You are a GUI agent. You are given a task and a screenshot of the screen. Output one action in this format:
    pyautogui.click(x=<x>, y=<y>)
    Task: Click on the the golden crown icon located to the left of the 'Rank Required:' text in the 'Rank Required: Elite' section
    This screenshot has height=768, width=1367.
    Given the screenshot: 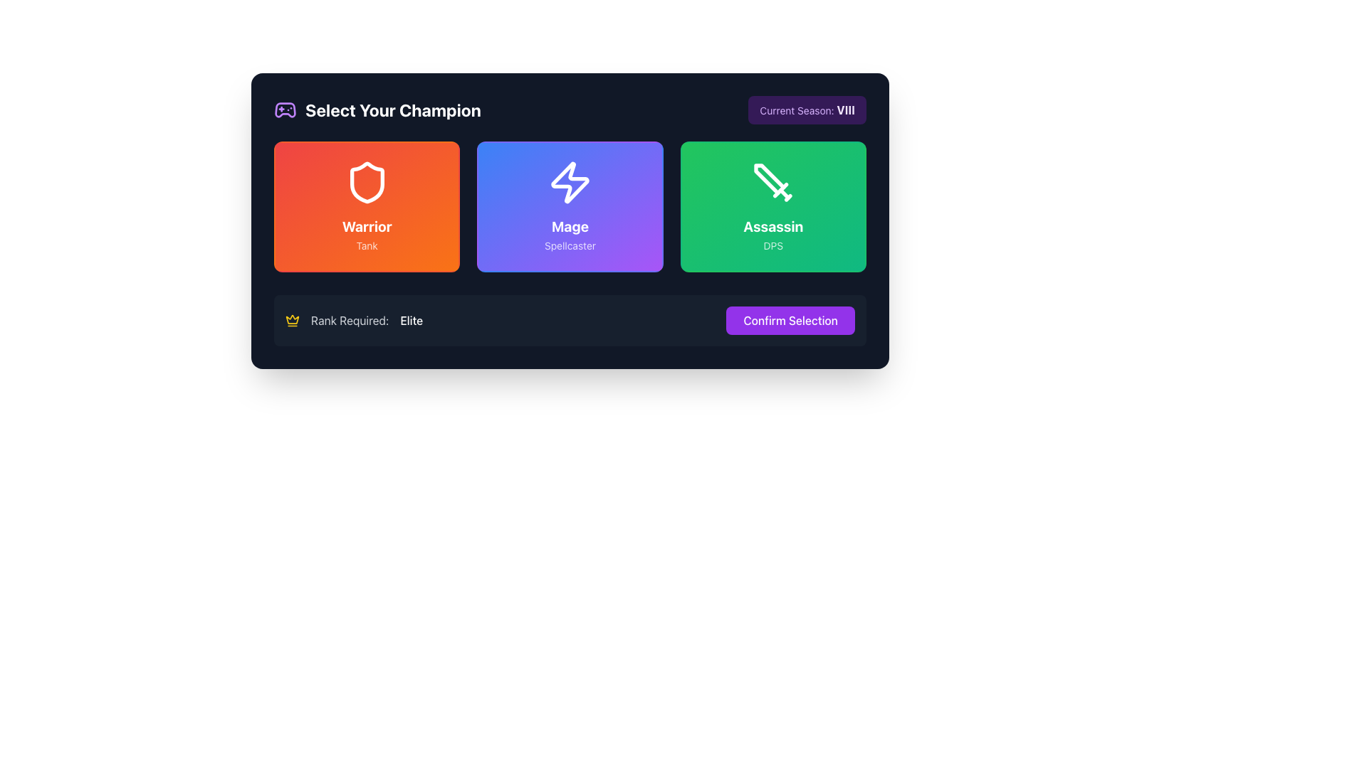 What is the action you would take?
    pyautogui.click(x=292, y=321)
    